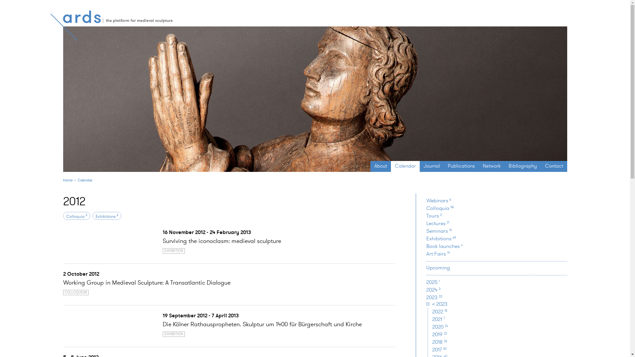 This screenshot has width=635, height=357. What do you see at coordinates (222, 241) in the screenshot?
I see `'Surviving the iconoclasm: medieval sculpture'` at bounding box center [222, 241].